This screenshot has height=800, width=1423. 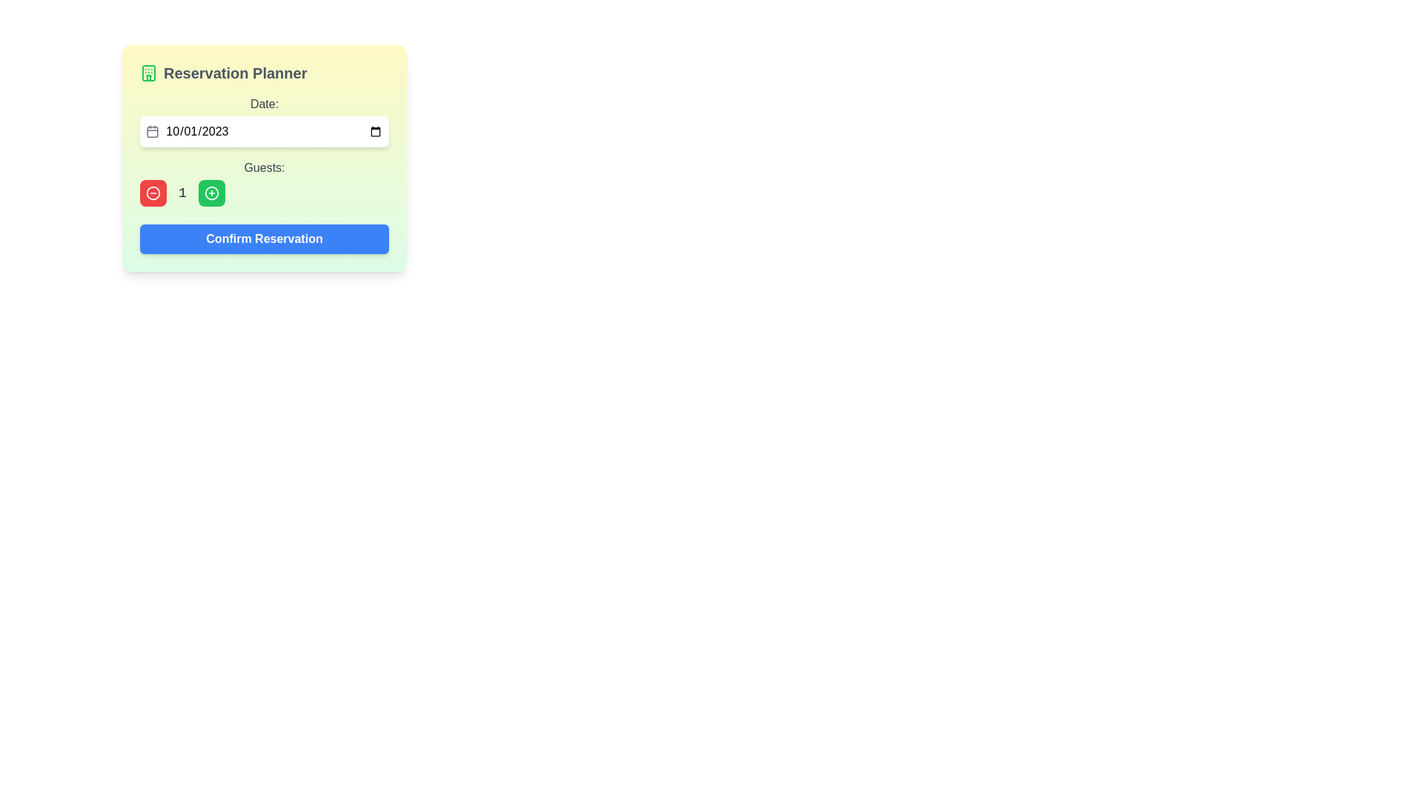 What do you see at coordinates (153, 193) in the screenshot?
I see `the minus sign icon inside the red circular border located at the bottom left of the 'Reservation Planner' card` at bounding box center [153, 193].